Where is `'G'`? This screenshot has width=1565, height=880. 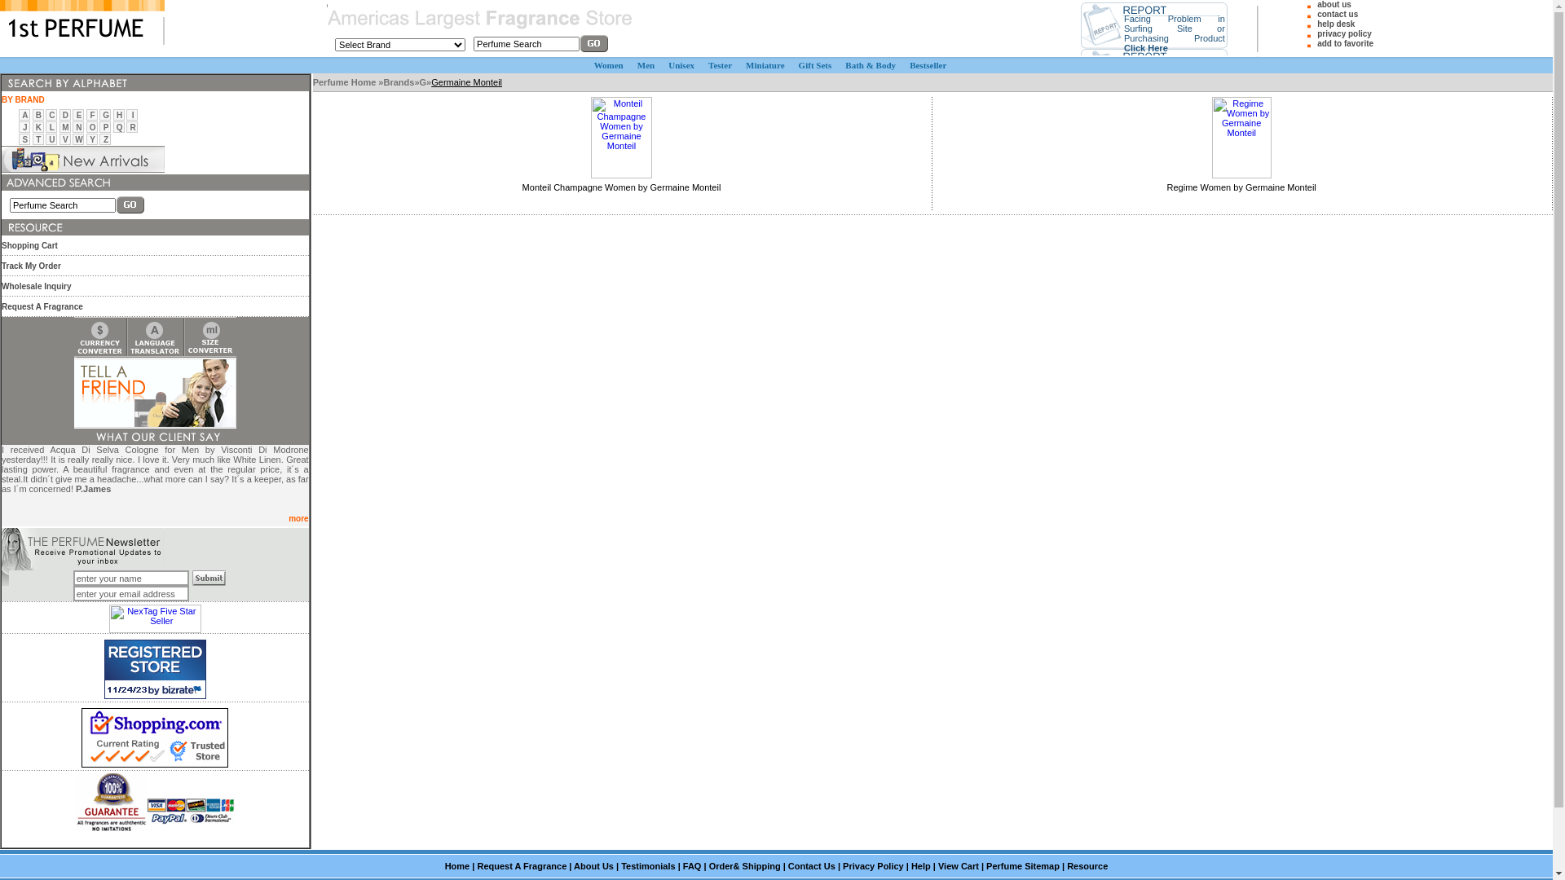
'G' is located at coordinates (423, 81).